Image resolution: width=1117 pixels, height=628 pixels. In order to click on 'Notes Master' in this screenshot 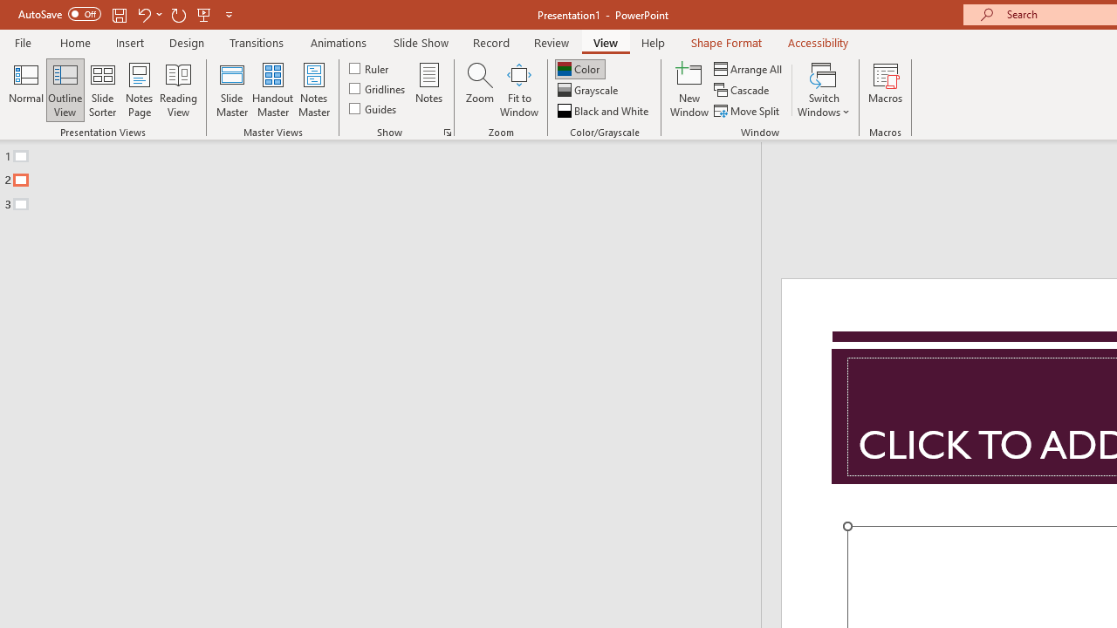, I will do `click(314, 90)`.